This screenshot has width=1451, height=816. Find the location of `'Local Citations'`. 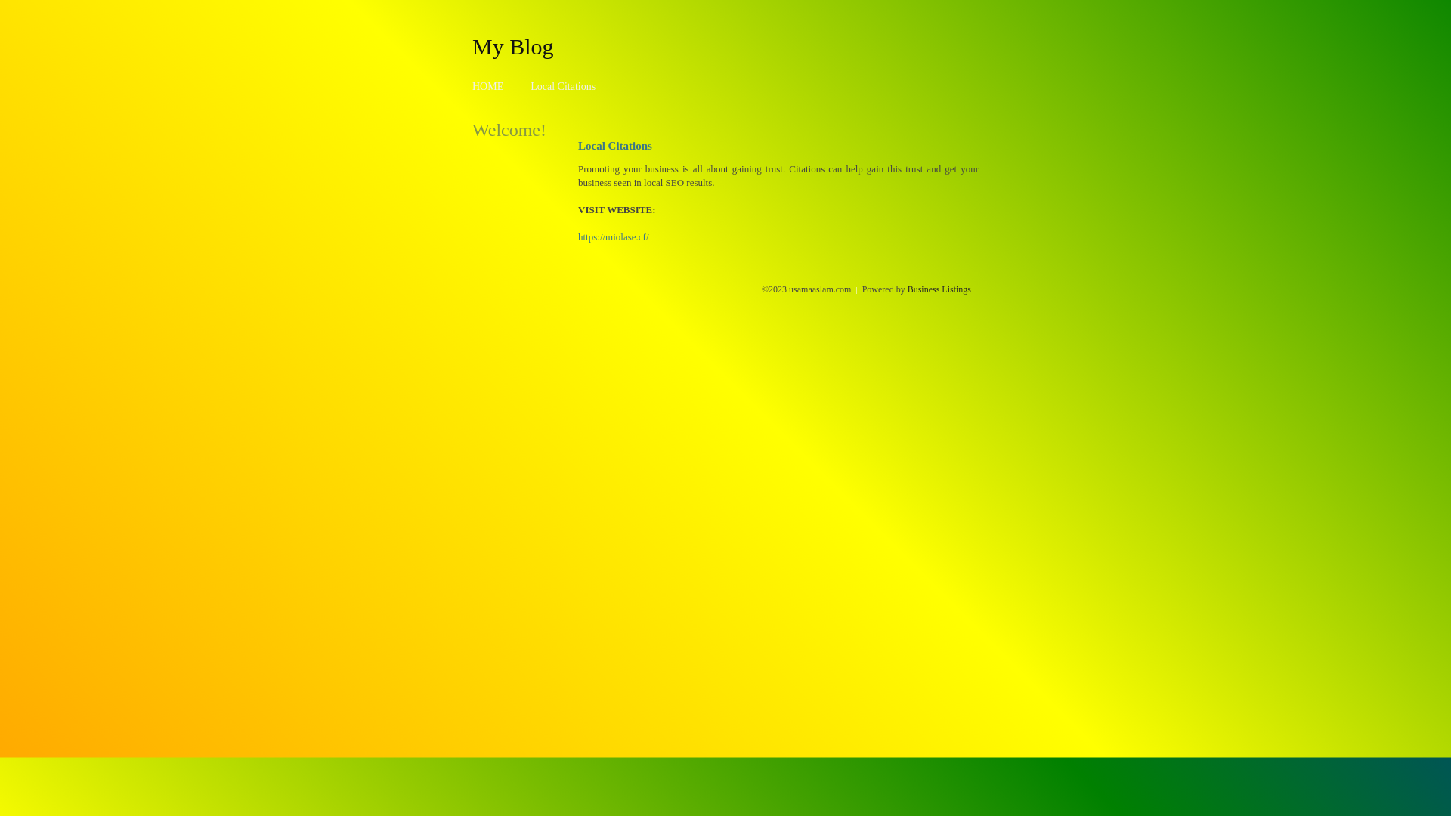

'Local Citations' is located at coordinates (562, 86).